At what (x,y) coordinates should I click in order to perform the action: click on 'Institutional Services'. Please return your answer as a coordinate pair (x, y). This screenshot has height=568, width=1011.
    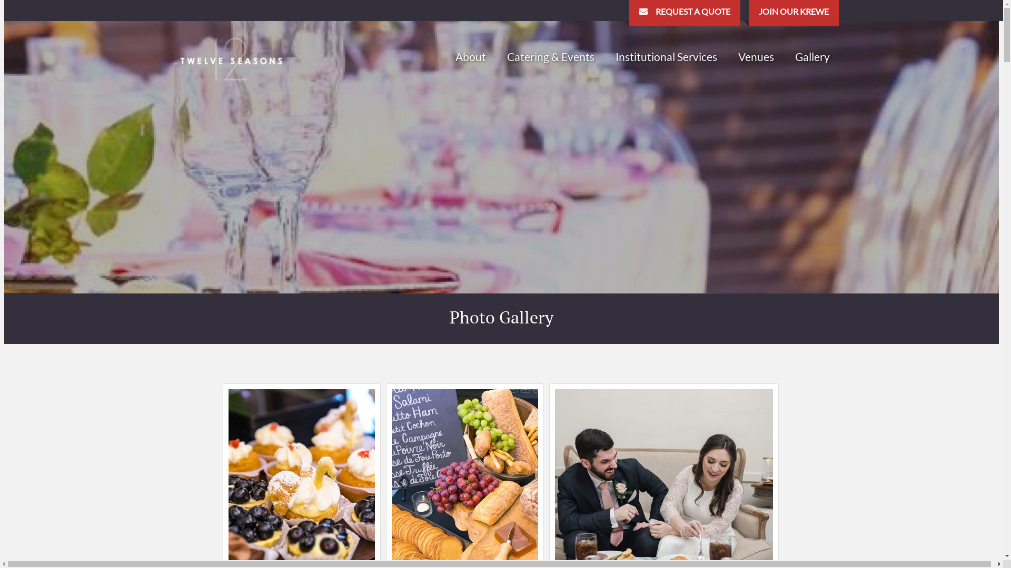
    Looking at the image, I should click on (665, 57).